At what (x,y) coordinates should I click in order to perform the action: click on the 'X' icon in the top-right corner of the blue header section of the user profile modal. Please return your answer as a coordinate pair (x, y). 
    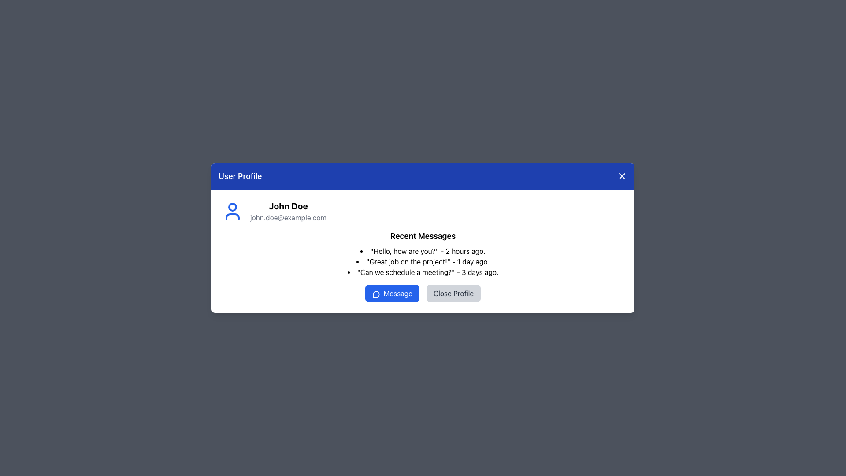
    Looking at the image, I should click on (621, 176).